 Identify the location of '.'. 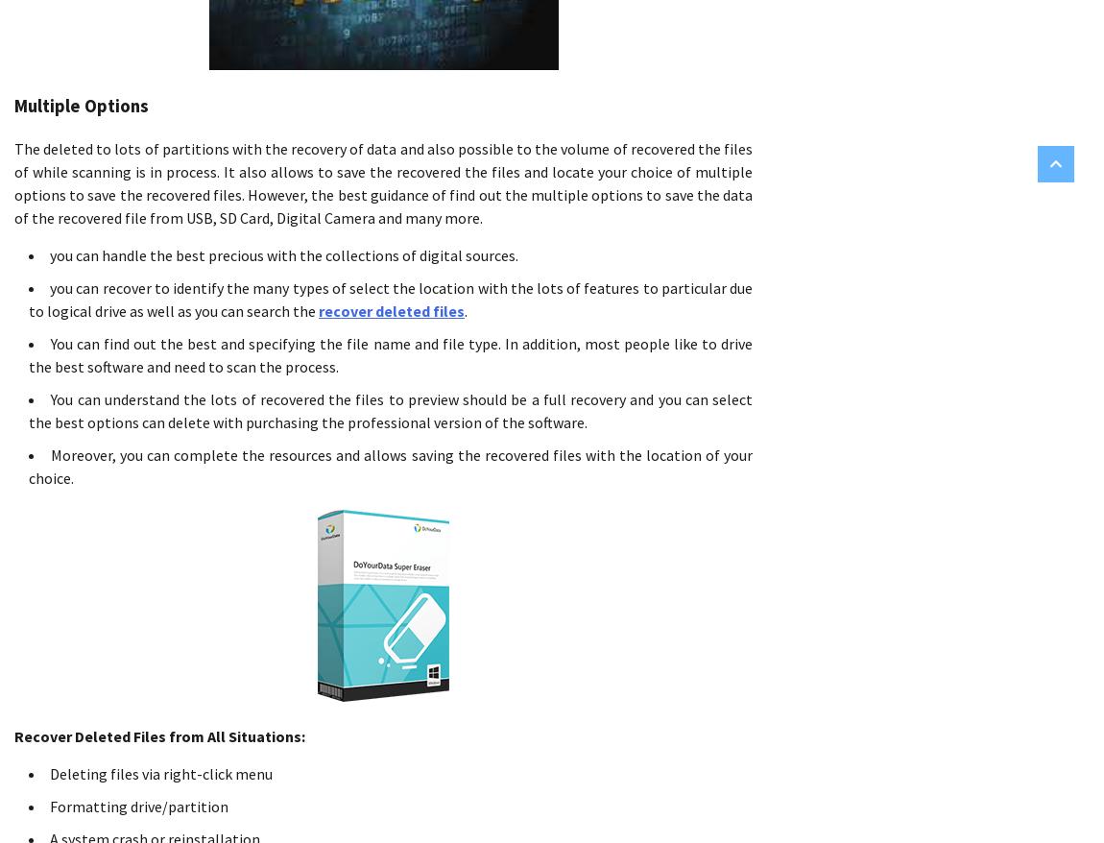
(466, 310).